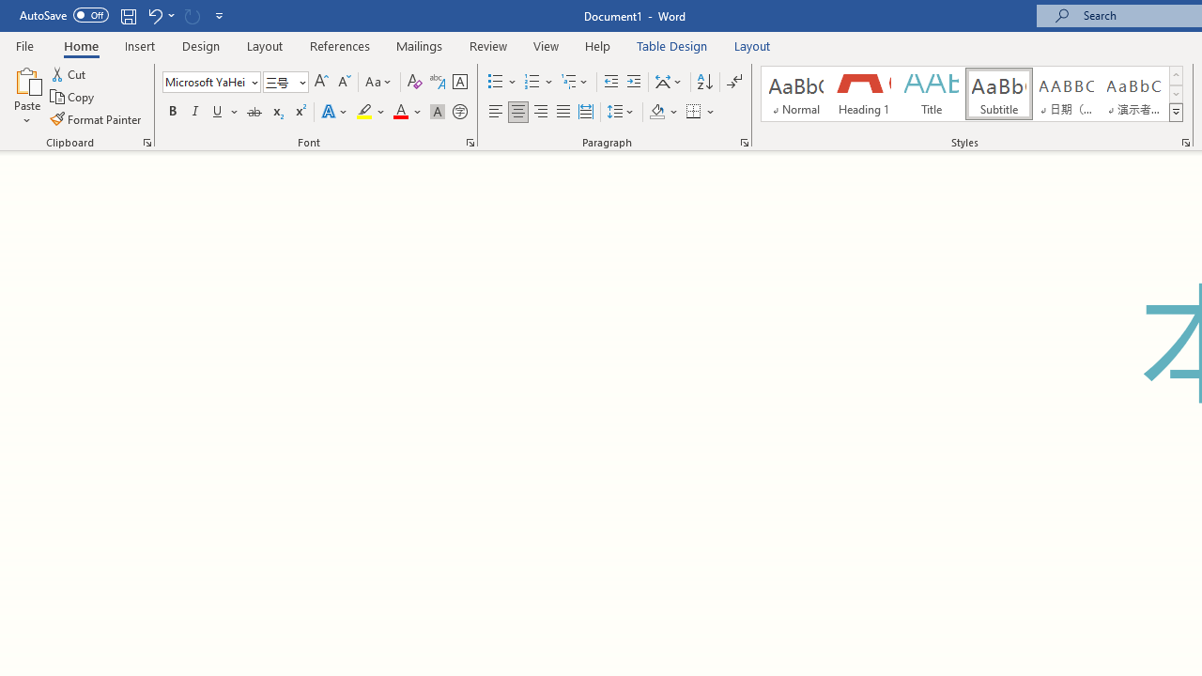  I want to click on 'Bullets', so click(496, 81).